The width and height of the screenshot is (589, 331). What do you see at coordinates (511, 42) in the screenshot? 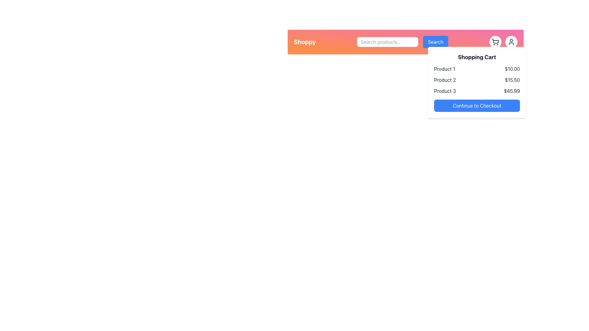
I see `the user profile SVG icon located inside the circular button at the far right of the navigation bar` at bounding box center [511, 42].